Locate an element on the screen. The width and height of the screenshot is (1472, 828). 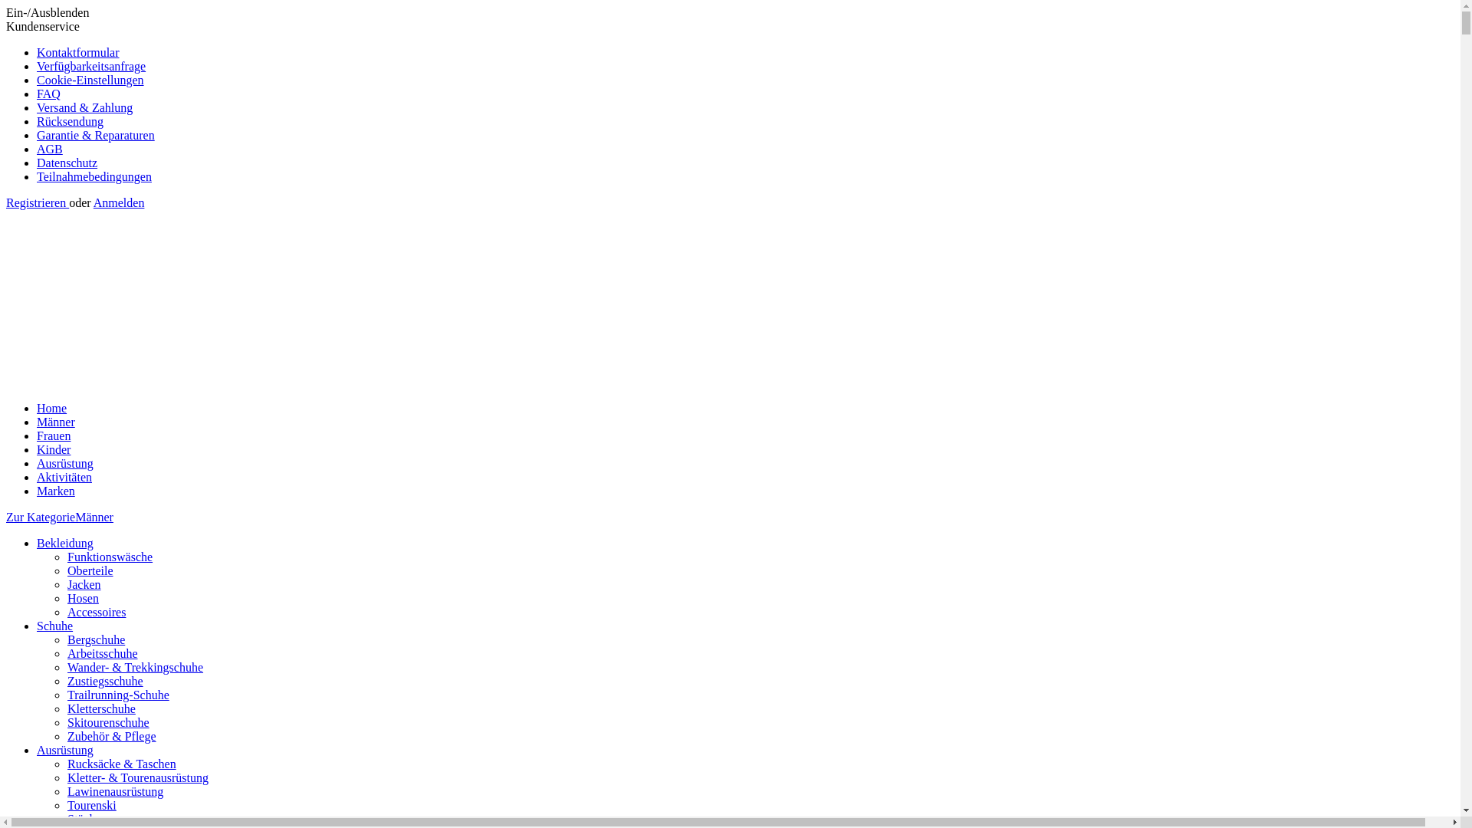
'Jacken' is located at coordinates (84, 584).